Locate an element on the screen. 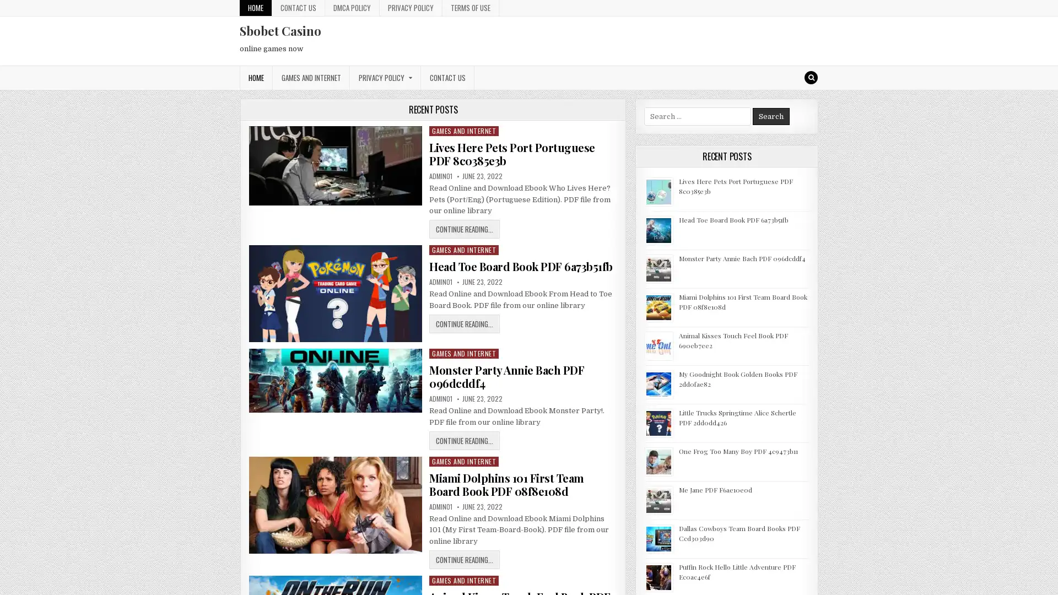  Search is located at coordinates (770, 116).